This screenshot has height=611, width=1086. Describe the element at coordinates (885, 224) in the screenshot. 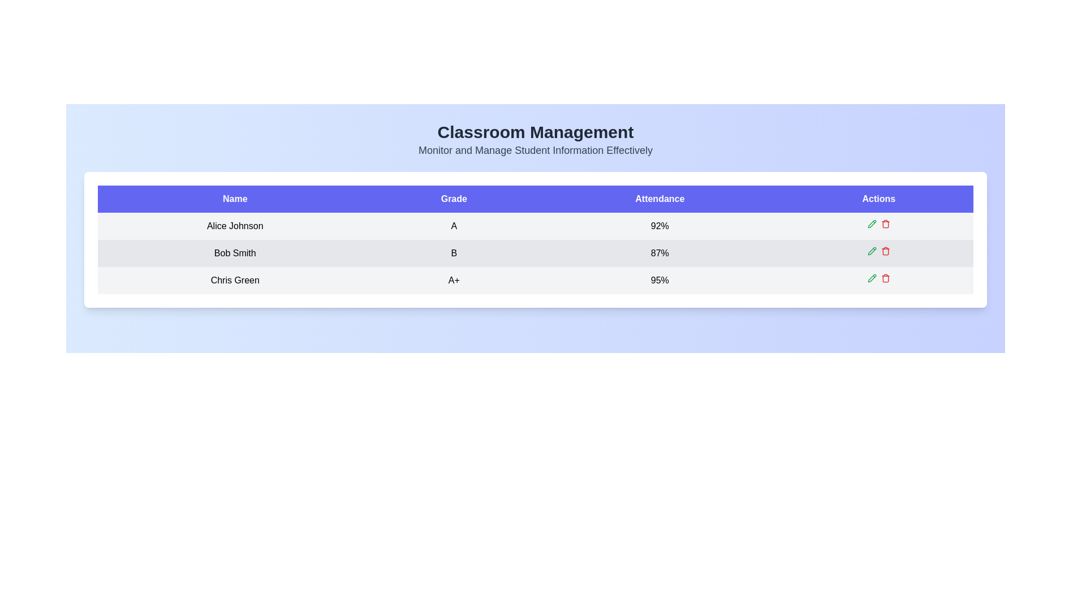

I see `the interactive red trash can icon located in the 'Actions' column of the table` at that location.